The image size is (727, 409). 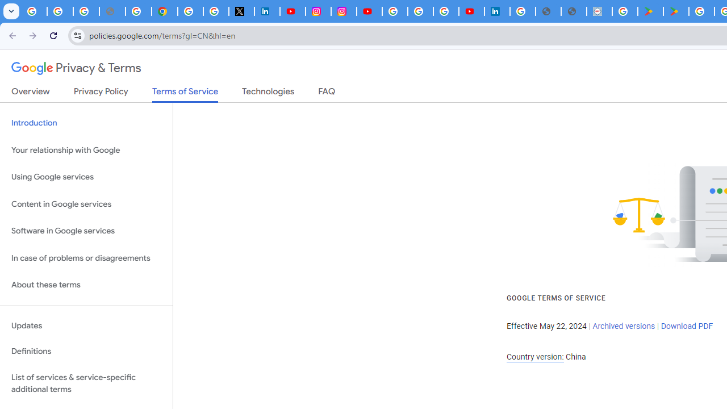 I want to click on 'Privacy Help Center - Policies Help', so click(x=138, y=11).